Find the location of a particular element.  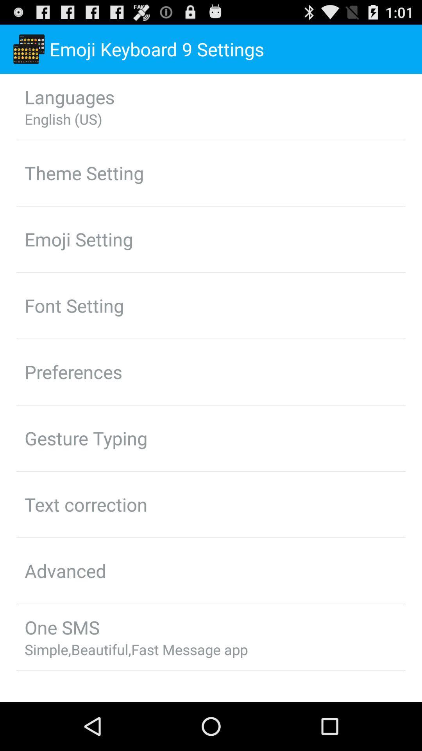

icon above emoji setting icon is located at coordinates (84, 172).